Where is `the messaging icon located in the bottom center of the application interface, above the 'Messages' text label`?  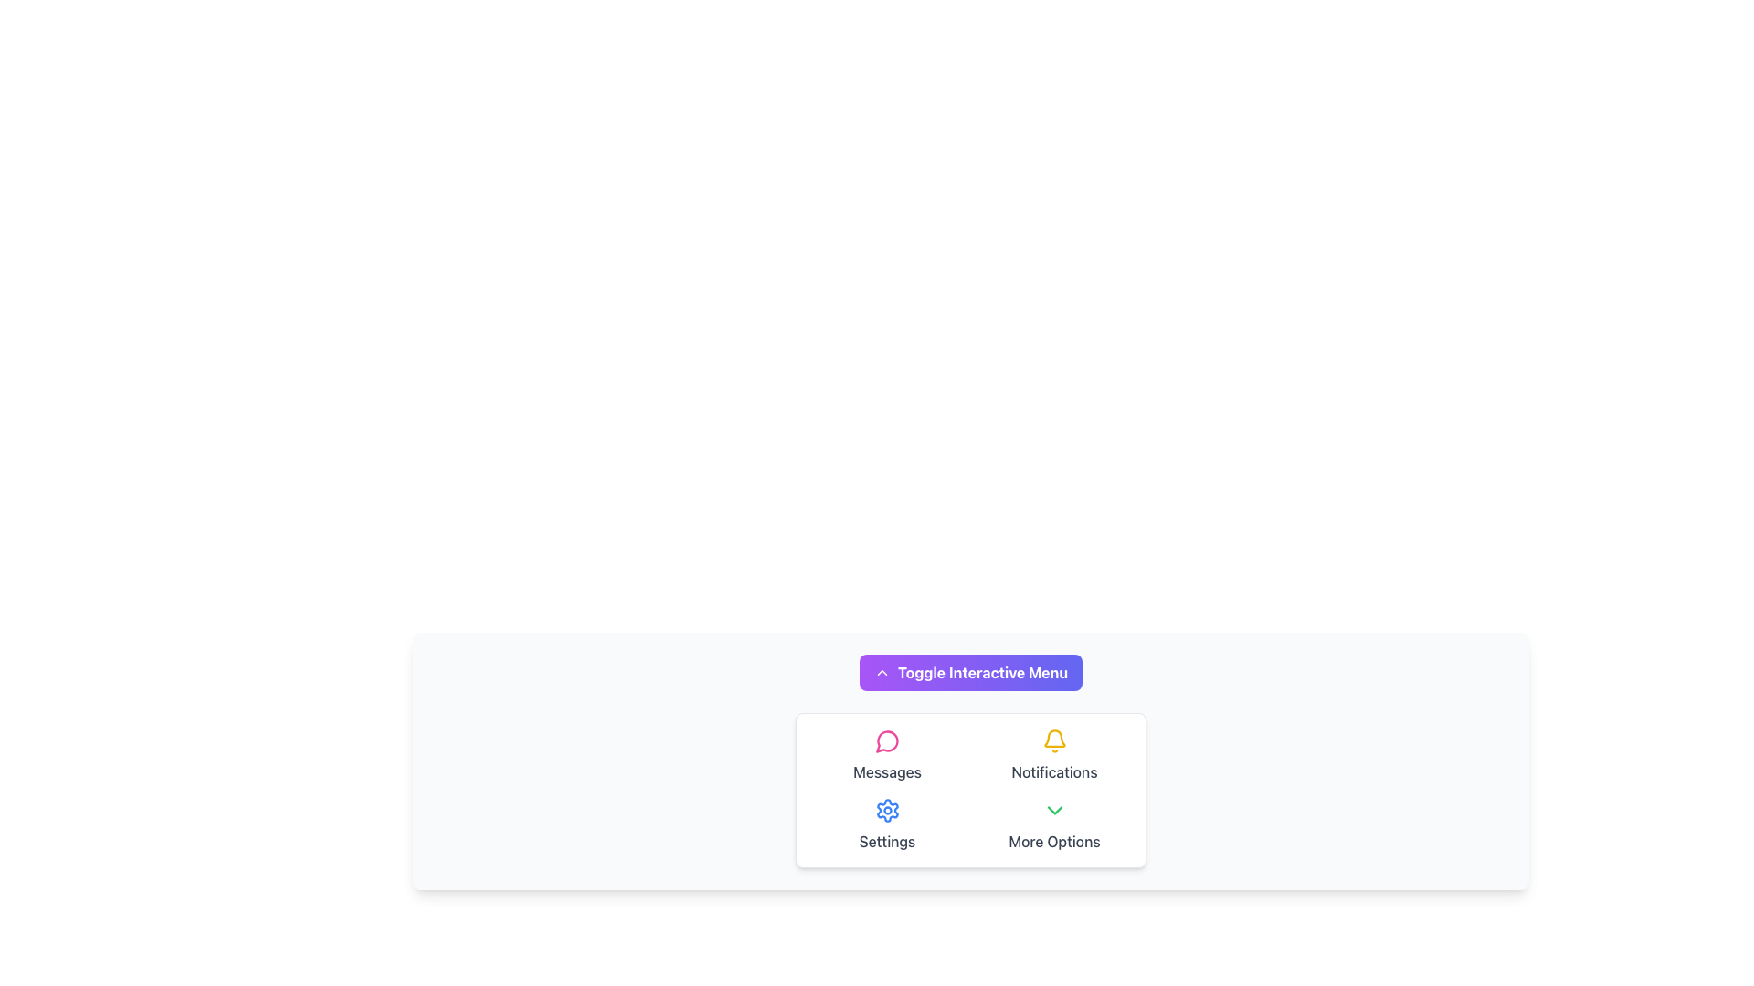
the messaging icon located in the bottom center of the application interface, above the 'Messages' text label is located at coordinates (887, 741).